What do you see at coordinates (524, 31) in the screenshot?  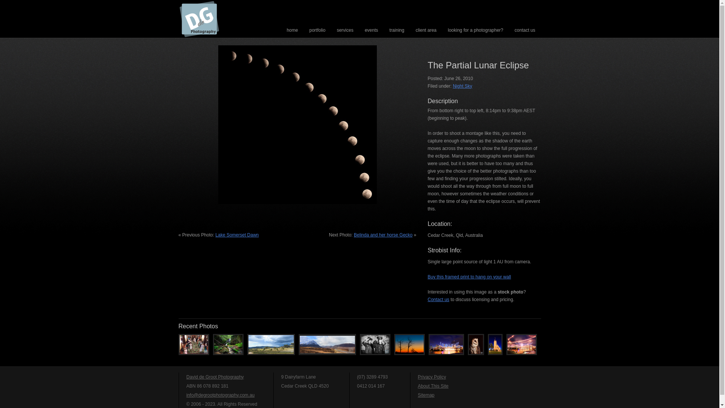 I see `'contact us'` at bounding box center [524, 31].